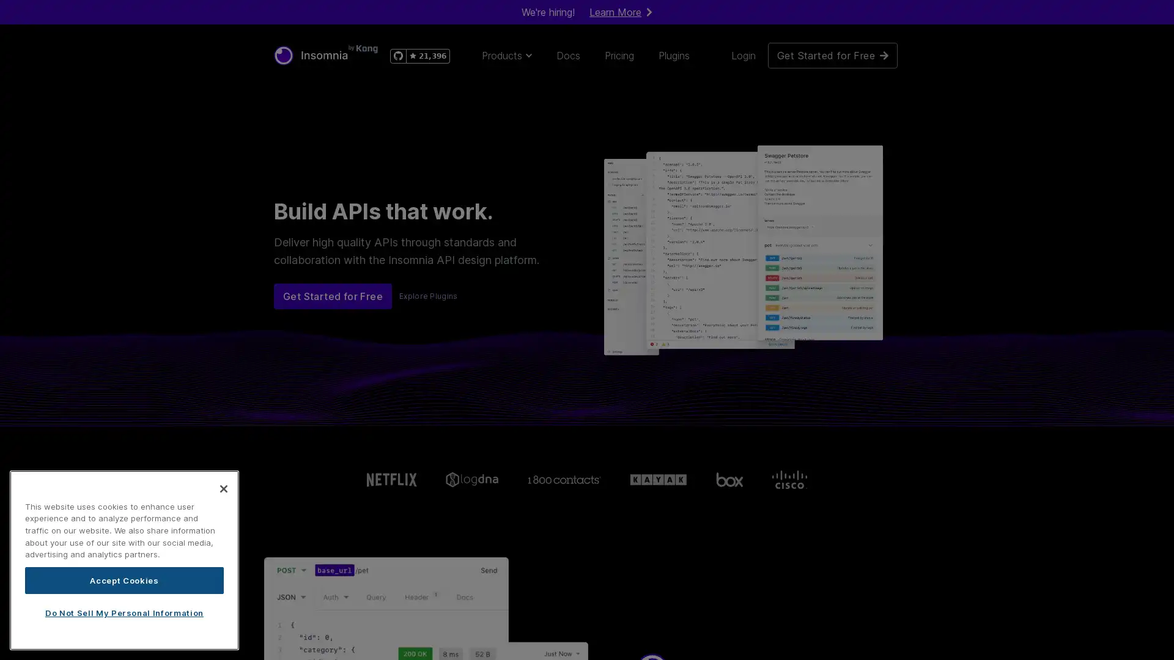  I want to click on Close, so click(223, 487).